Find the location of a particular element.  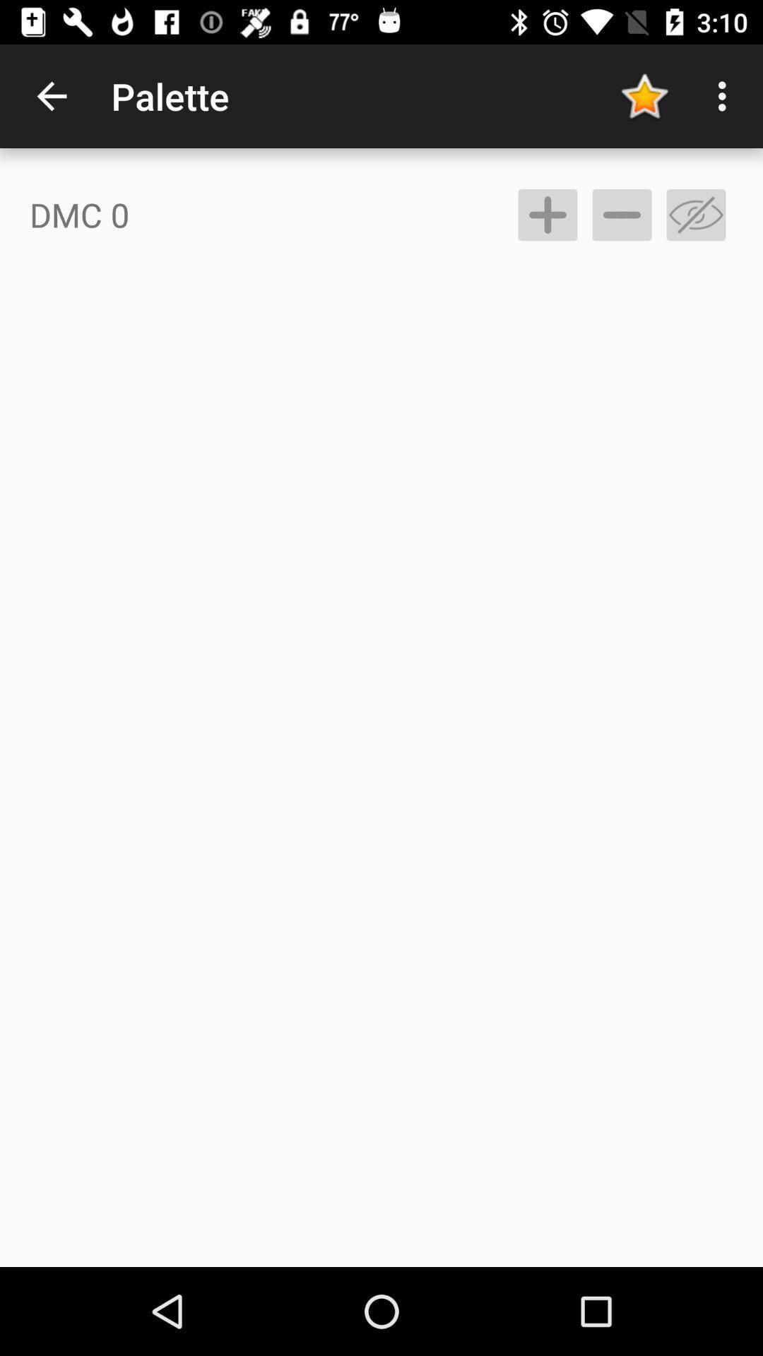

subtract is located at coordinates (621, 214).